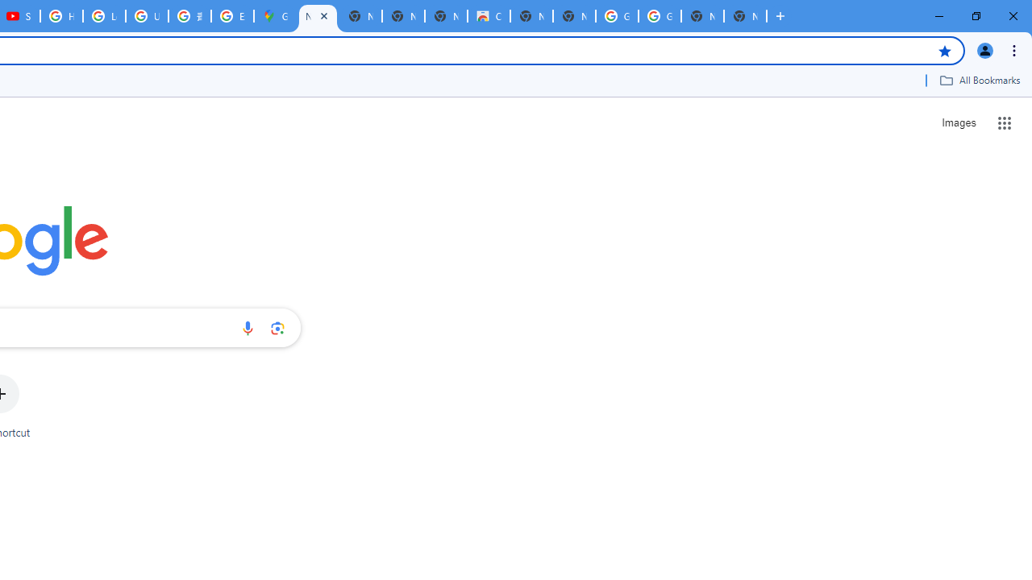 The width and height of the screenshot is (1032, 580). Describe the element at coordinates (231, 16) in the screenshot. I see `'Explore new street-level details - Google Maps Help'` at that location.